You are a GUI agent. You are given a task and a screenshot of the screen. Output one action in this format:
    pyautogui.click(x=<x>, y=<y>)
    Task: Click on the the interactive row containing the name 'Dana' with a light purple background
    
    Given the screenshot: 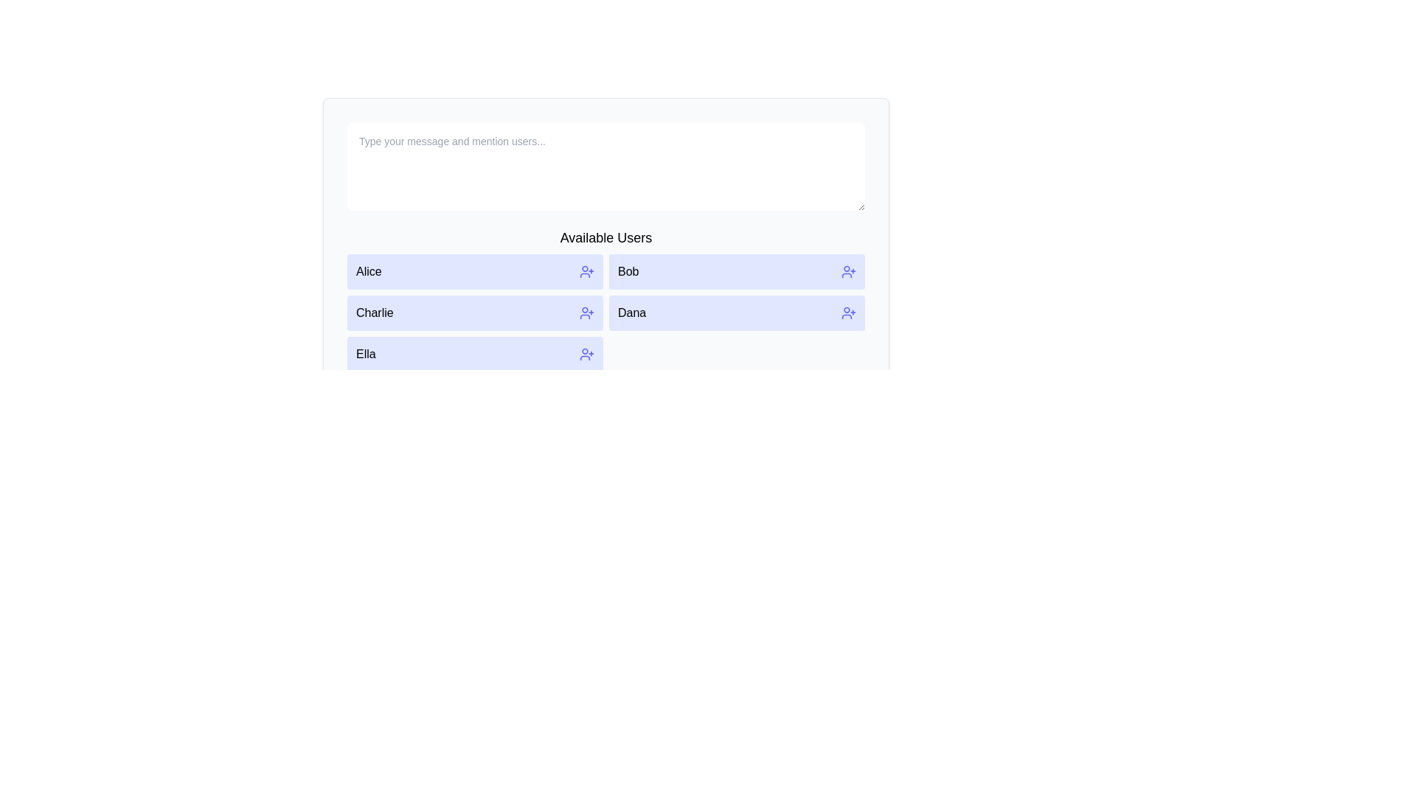 What is the action you would take?
    pyautogui.click(x=737, y=312)
    